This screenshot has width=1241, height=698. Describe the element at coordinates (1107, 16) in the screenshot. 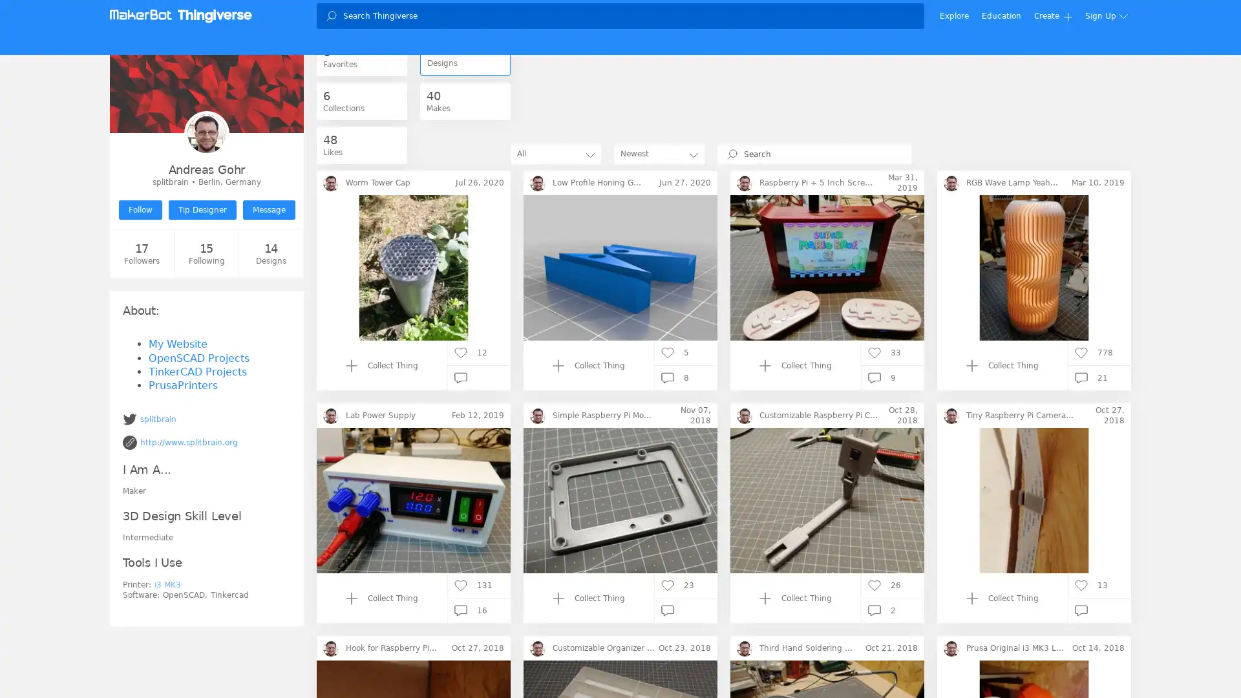

I see `Sign Up` at that location.